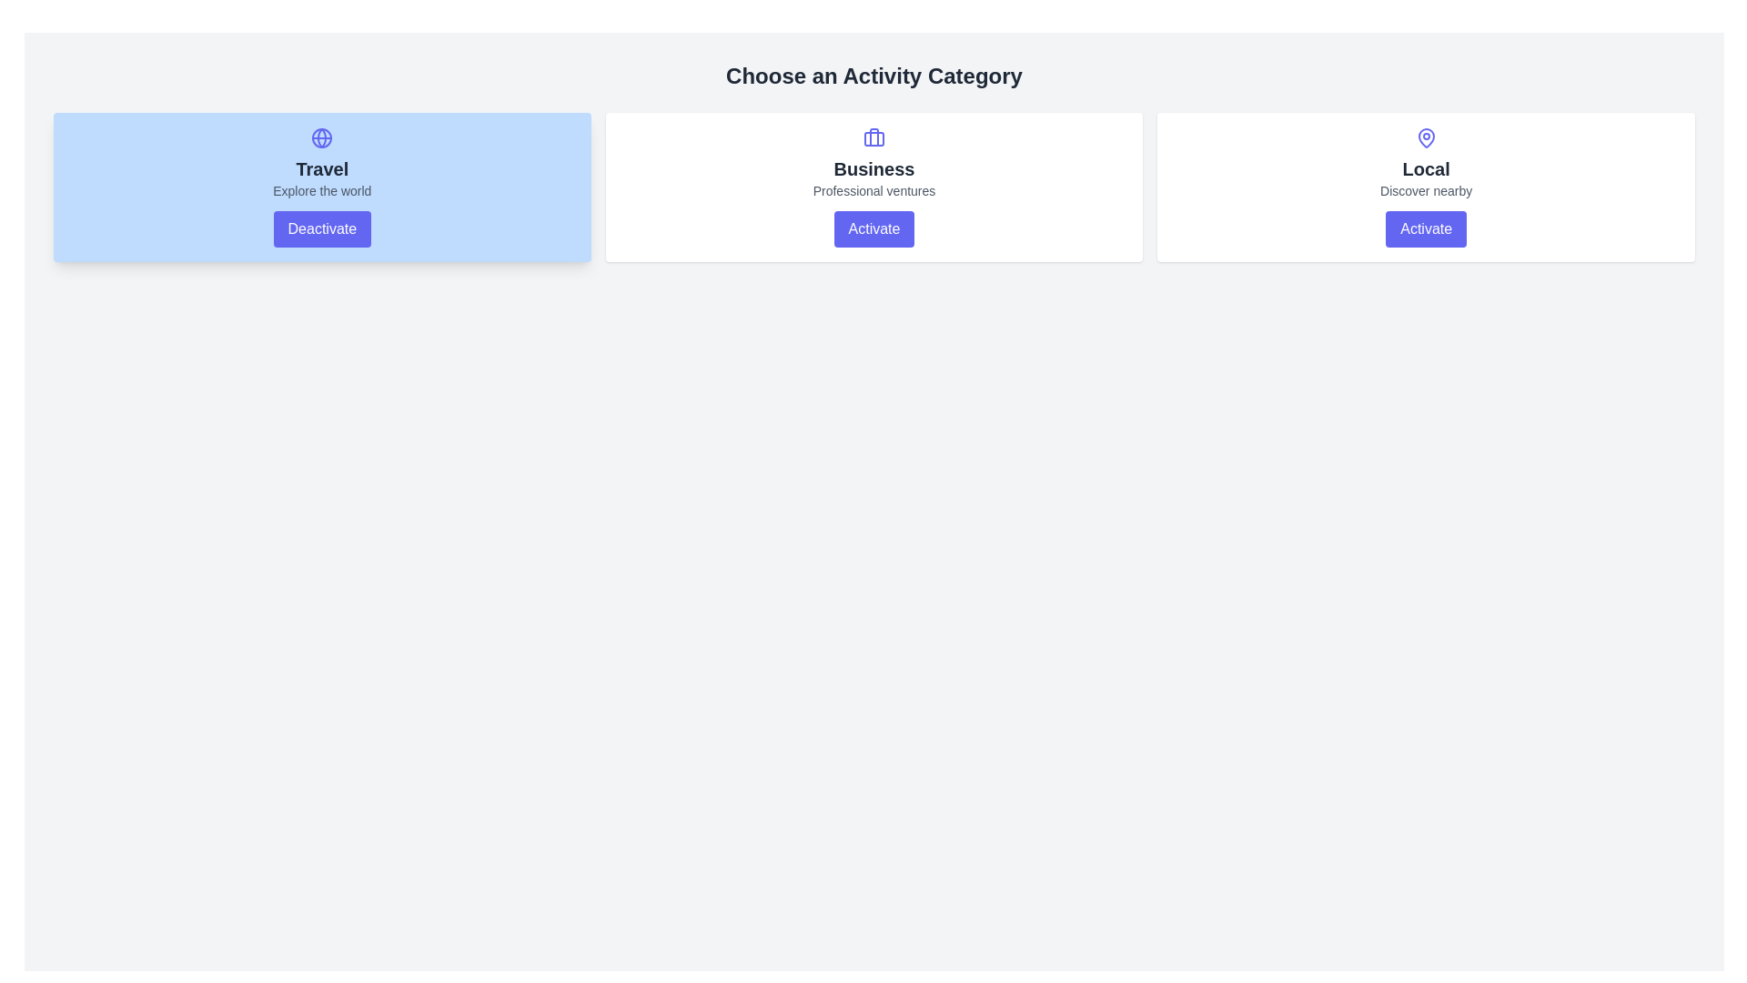 The height and width of the screenshot is (983, 1747). I want to click on the 'Local' category icon, which is the central visual cue for the Local section, located to the top-left of its title text, so click(1425, 137).